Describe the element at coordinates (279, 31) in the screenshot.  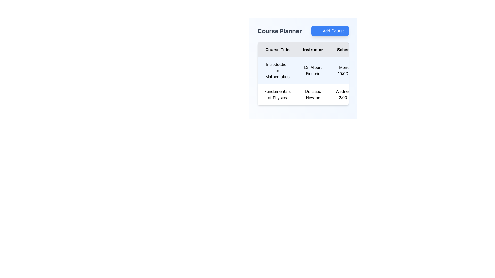
I see `the 'Course Planner' text label located on the left side of the header, which is styled in bold and large dark gray font` at that location.